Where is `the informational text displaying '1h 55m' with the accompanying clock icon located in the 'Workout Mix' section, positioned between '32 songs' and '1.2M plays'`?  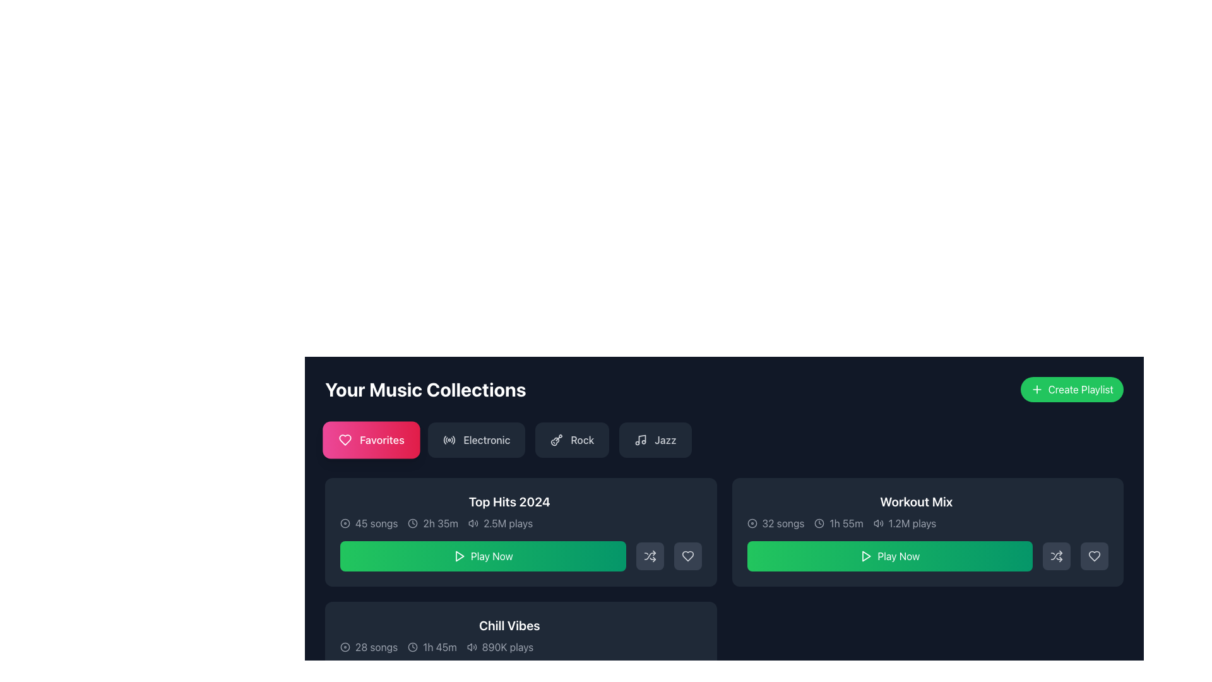 the informational text displaying '1h 55m' with the accompanying clock icon located in the 'Workout Mix' section, positioned between '32 songs' and '1.2M plays' is located at coordinates (839, 523).